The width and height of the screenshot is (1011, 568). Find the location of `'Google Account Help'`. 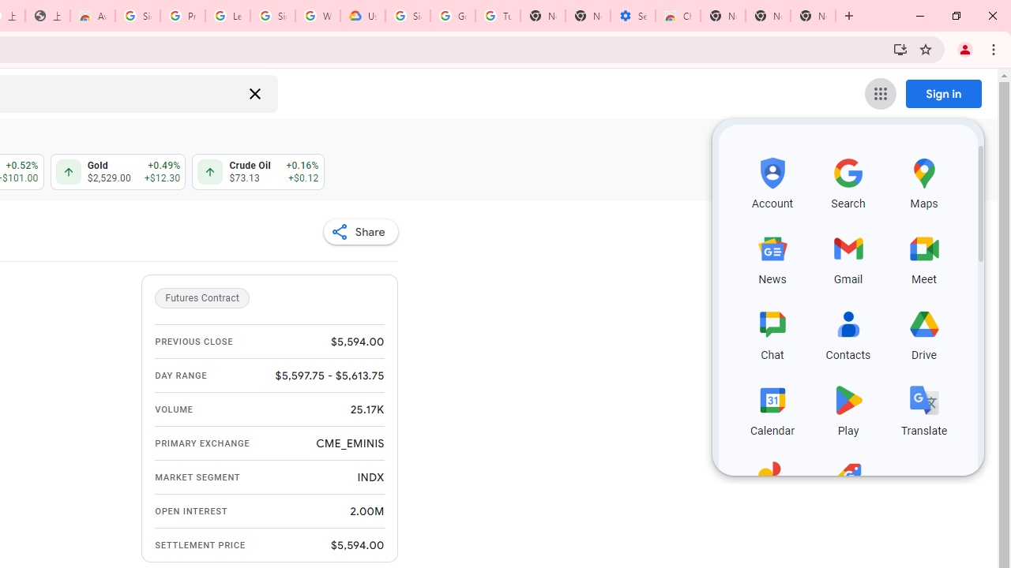

'Google Account Help' is located at coordinates (452, 16).